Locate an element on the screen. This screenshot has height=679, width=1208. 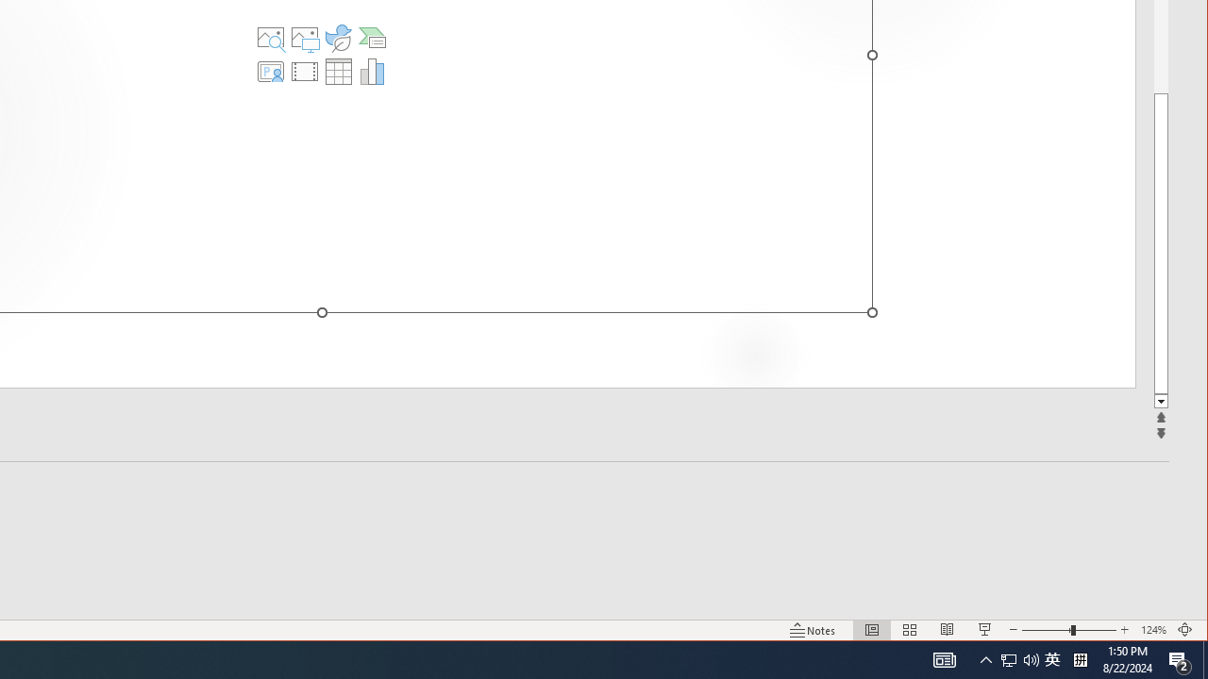
'Insert Cameo' is located at coordinates (270, 70).